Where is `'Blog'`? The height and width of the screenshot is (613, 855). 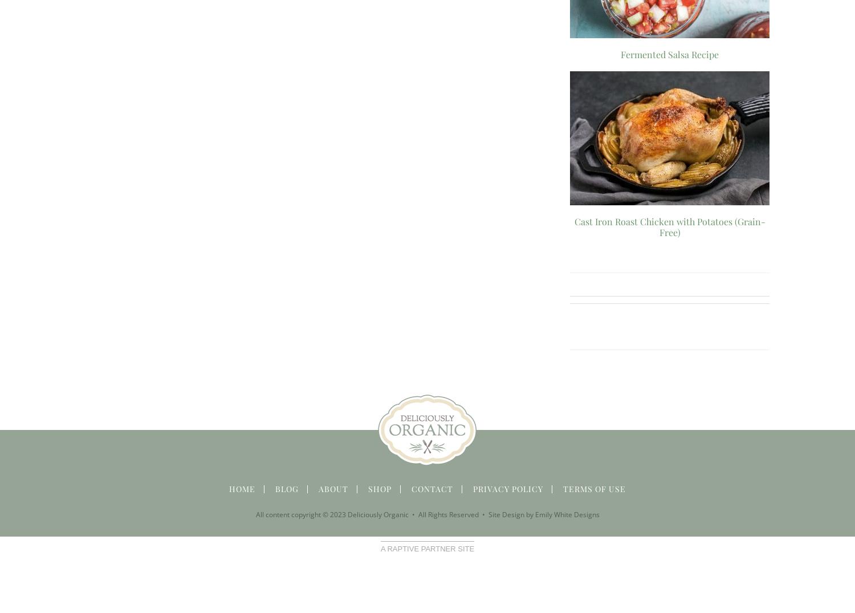 'Blog' is located at coordinates (287, 488).